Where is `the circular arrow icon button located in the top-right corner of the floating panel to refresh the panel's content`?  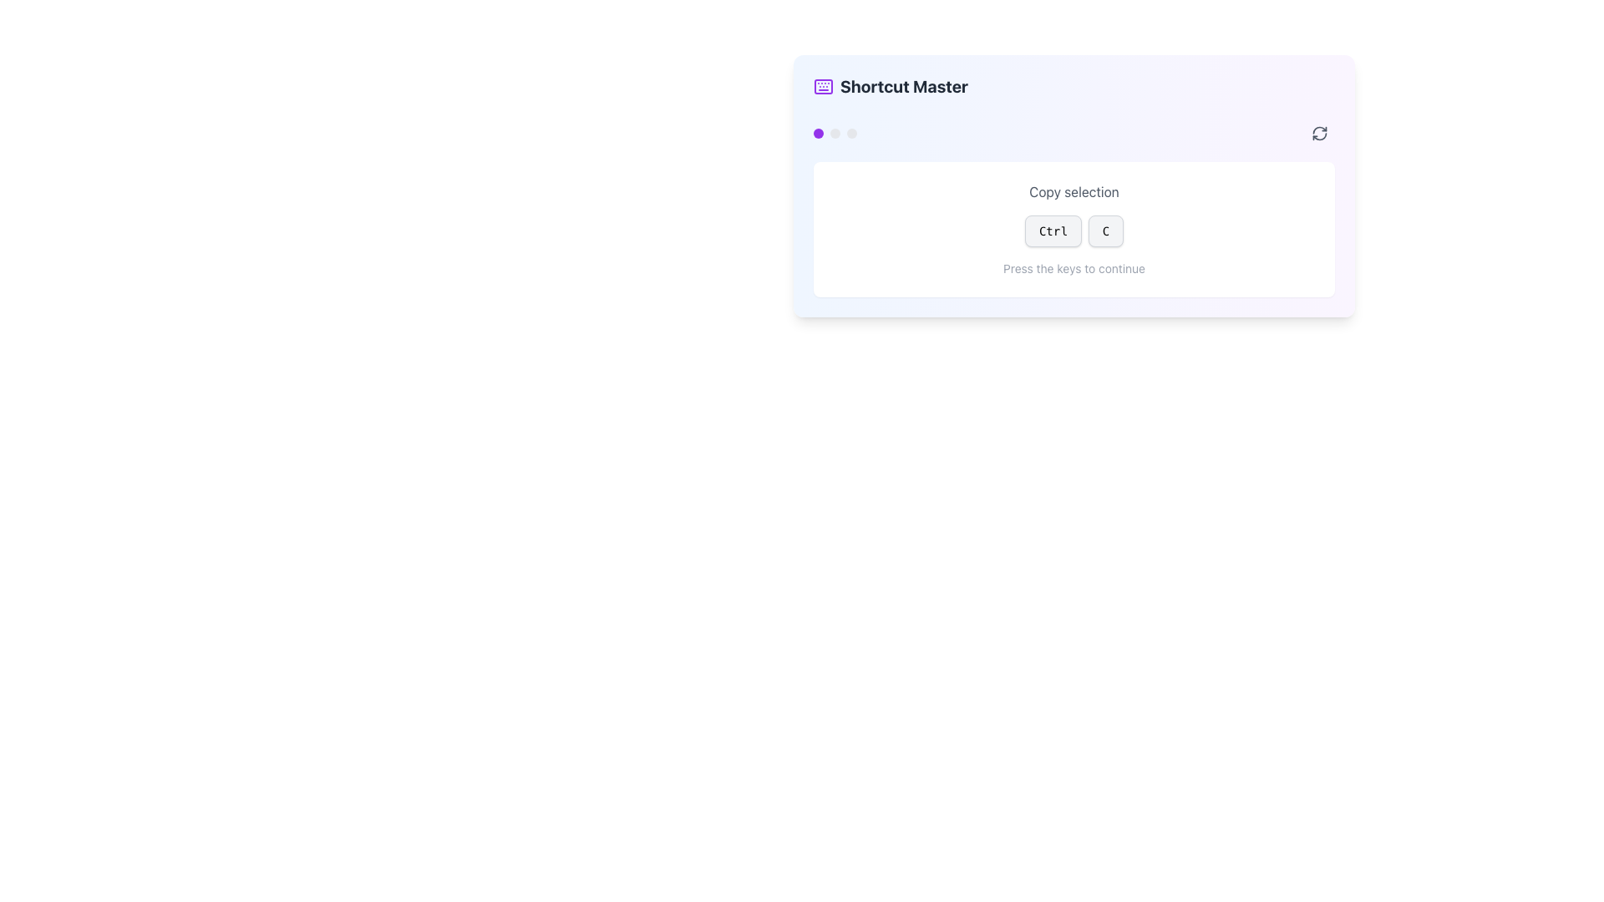 the circular arrow icon button located in the top-right corner of the floating panel to refresh the panel's content is located at coordinates (1318, 132).